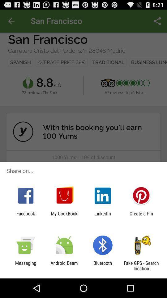 This screenshot has width=167, height=298. Describe the element at coordinates (141, 265) in the screenshot. I see `the fake gps search app` at that location.